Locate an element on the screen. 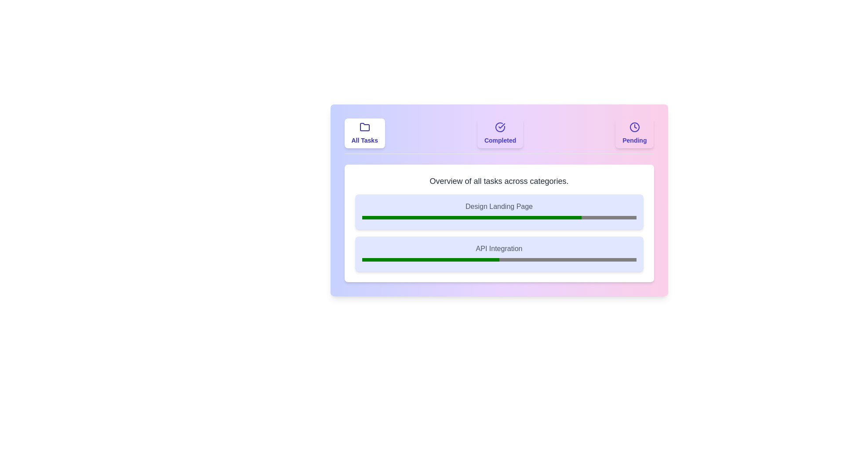  the representation of the clock icon located at the center-top of the 'Pending' button in the top-right corner of the interface is located at coordinates (634, 127).